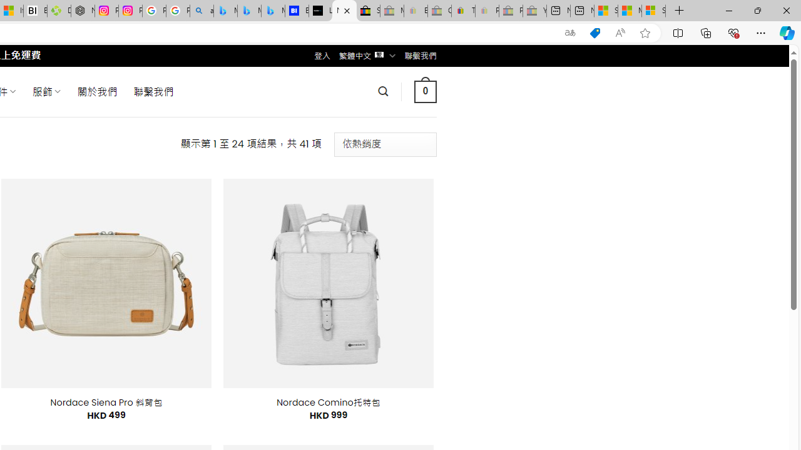  I want to click on 'Microsoft Bing Travel - Shangri-La Hotel Bangkok', so click(272, 11).